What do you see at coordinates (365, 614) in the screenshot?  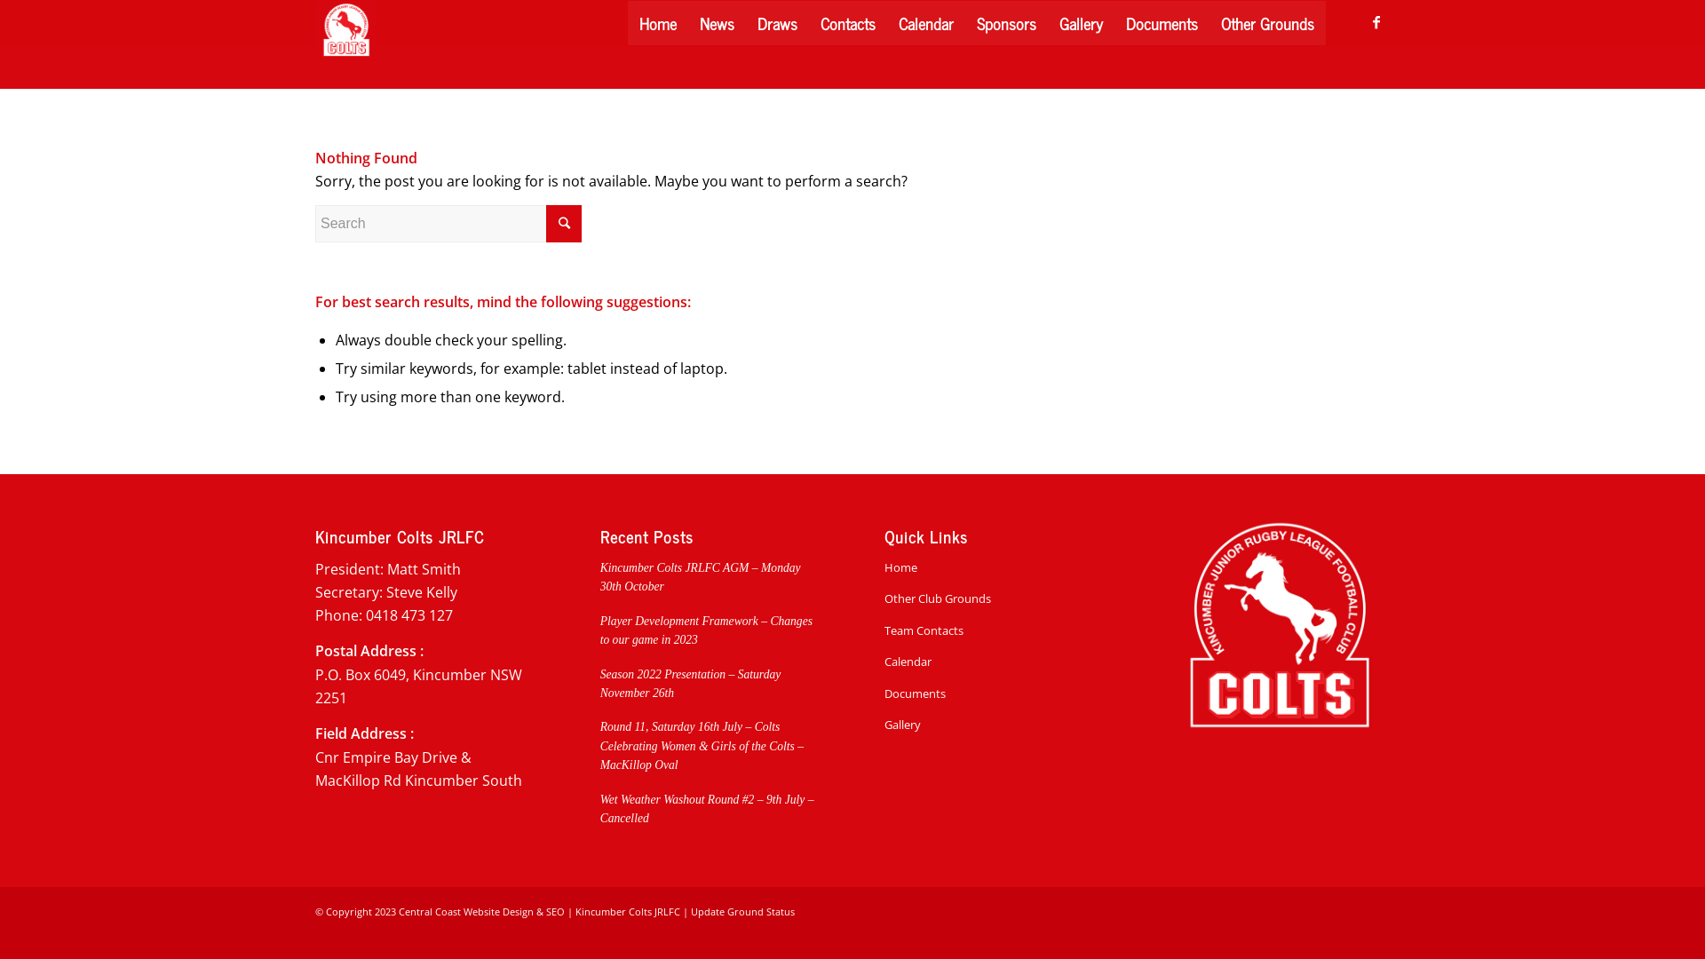 I see `'0418 473 127'` at bounding box center [365, 614].